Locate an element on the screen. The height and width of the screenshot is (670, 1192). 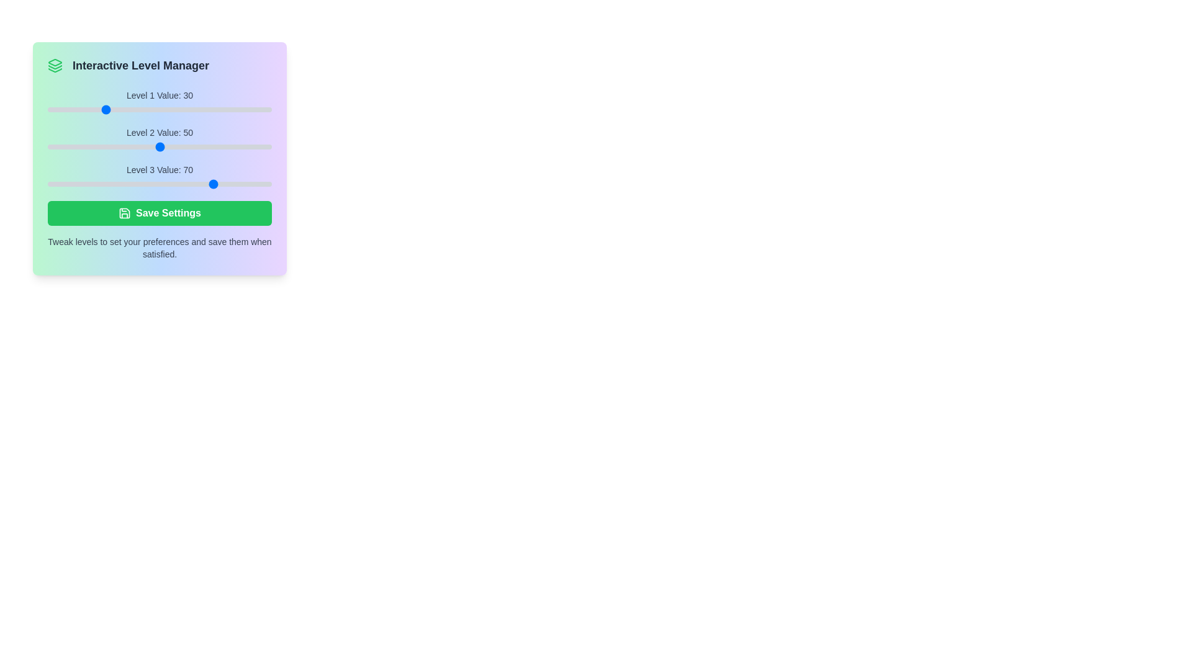
the vector icon element representing the base layer of a stack, which features a green stroke and is part of a multi-layered SVG graphic is located at coordinates (55, 70).